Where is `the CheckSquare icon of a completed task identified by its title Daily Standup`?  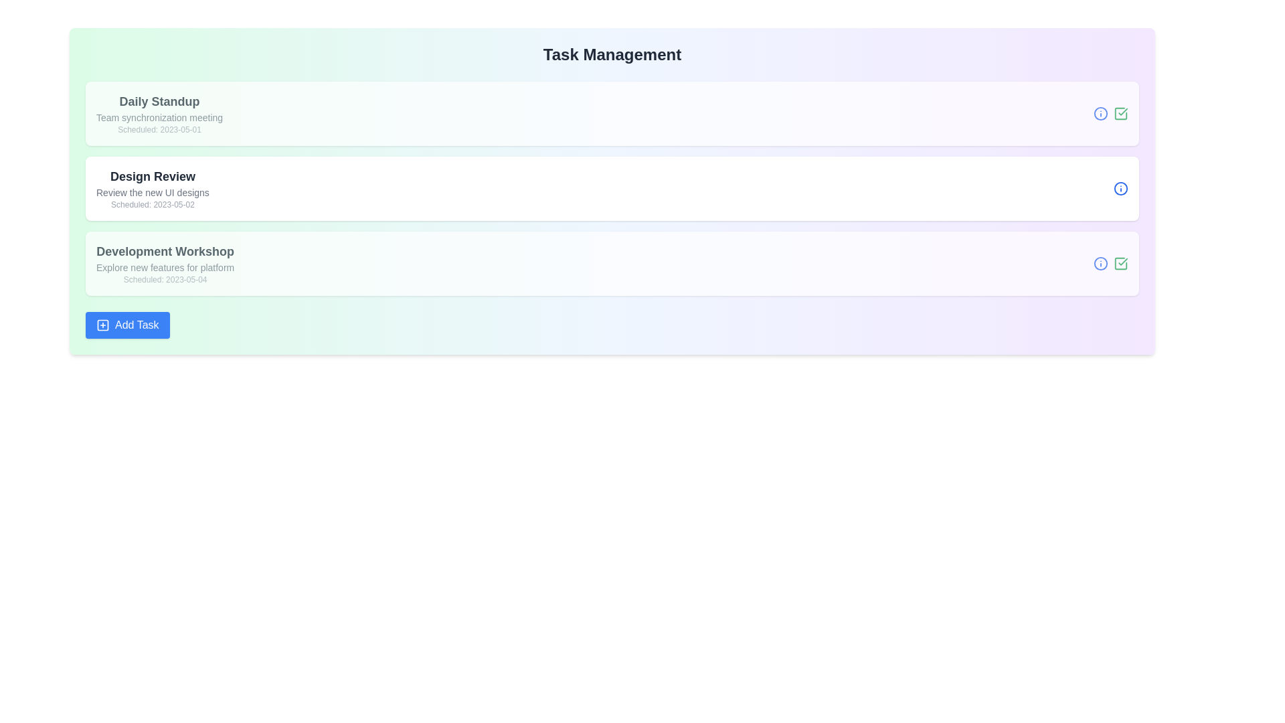
the CheckSquare icon of a completed task identified by its title Daily Standup is located at coordinates (1121, 112).